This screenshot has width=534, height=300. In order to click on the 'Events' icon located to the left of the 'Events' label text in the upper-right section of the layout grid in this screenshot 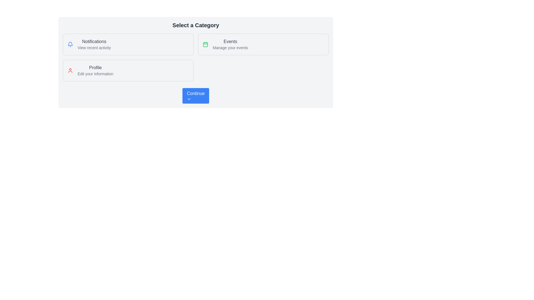, I will do `click(205, 44)`.